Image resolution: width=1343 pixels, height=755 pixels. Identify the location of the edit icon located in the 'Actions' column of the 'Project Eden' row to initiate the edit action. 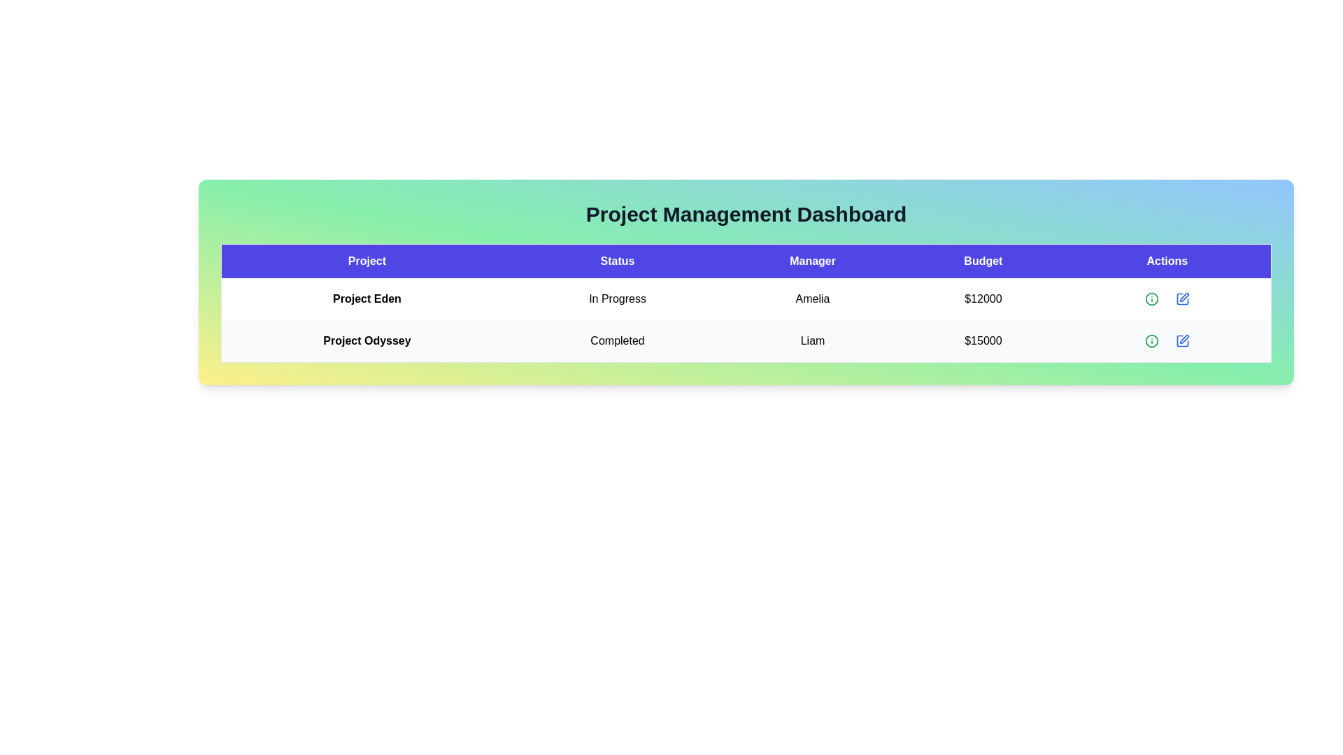
(1181, 299).